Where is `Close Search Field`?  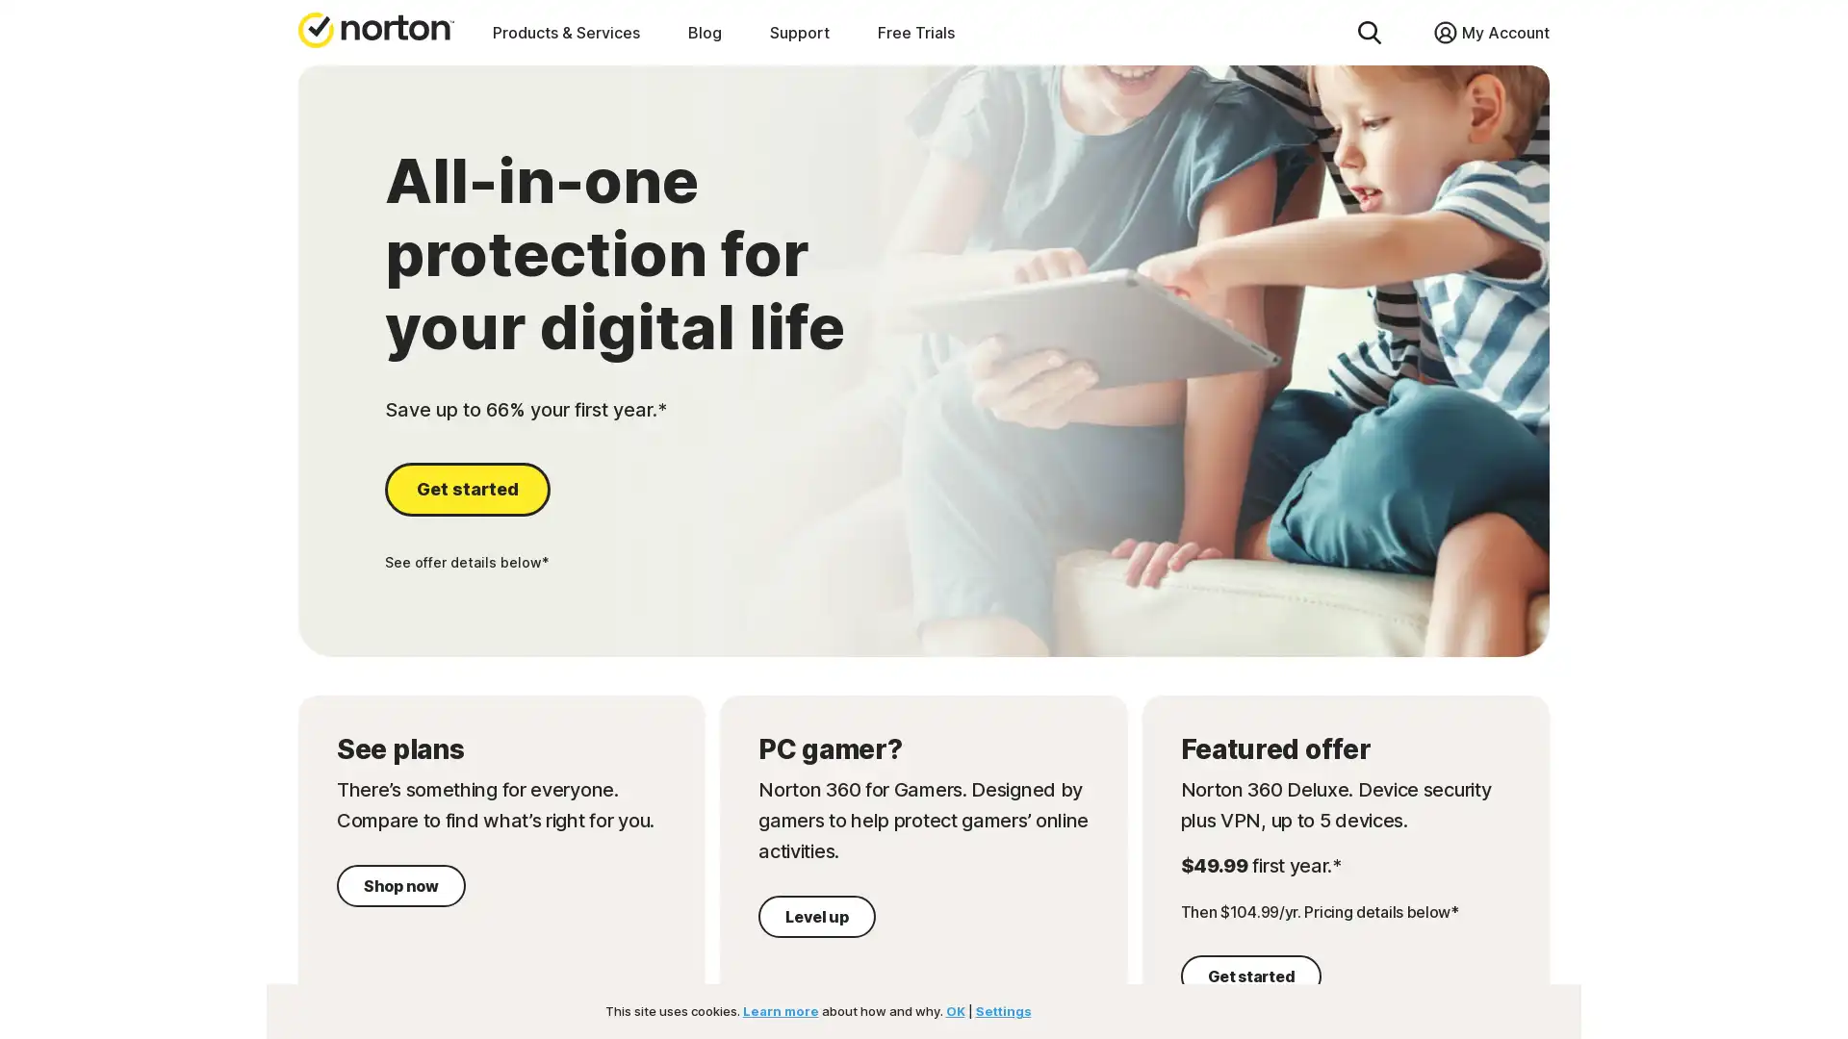
Close Search Field is located at coordinates (1375, 32).